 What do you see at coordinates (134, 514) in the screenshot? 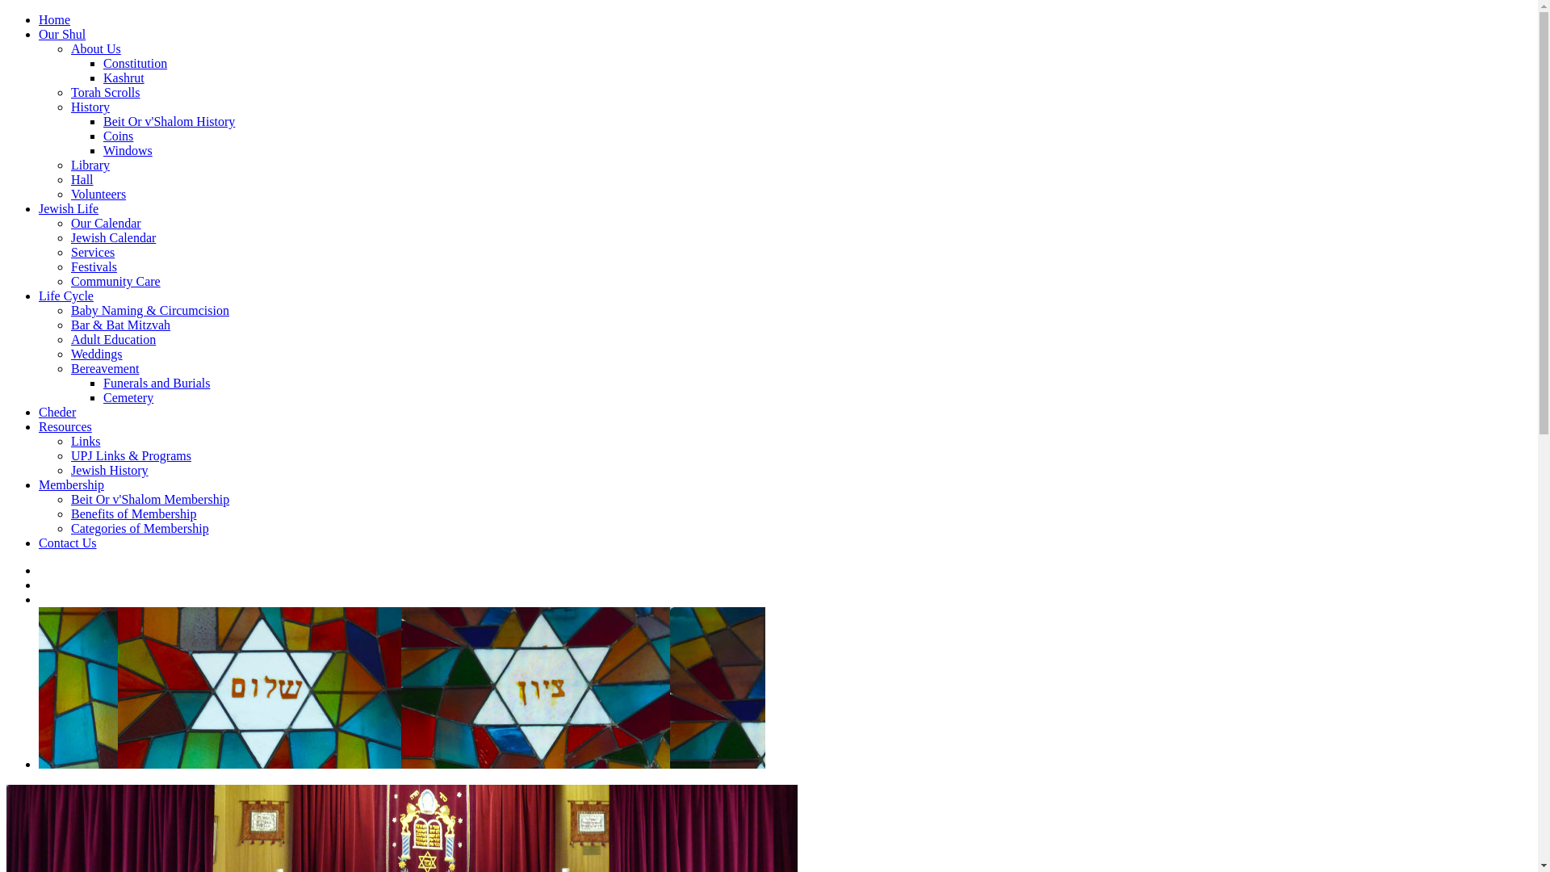
I see `'Benefits of Membership'` at bounding box center [134, 514].